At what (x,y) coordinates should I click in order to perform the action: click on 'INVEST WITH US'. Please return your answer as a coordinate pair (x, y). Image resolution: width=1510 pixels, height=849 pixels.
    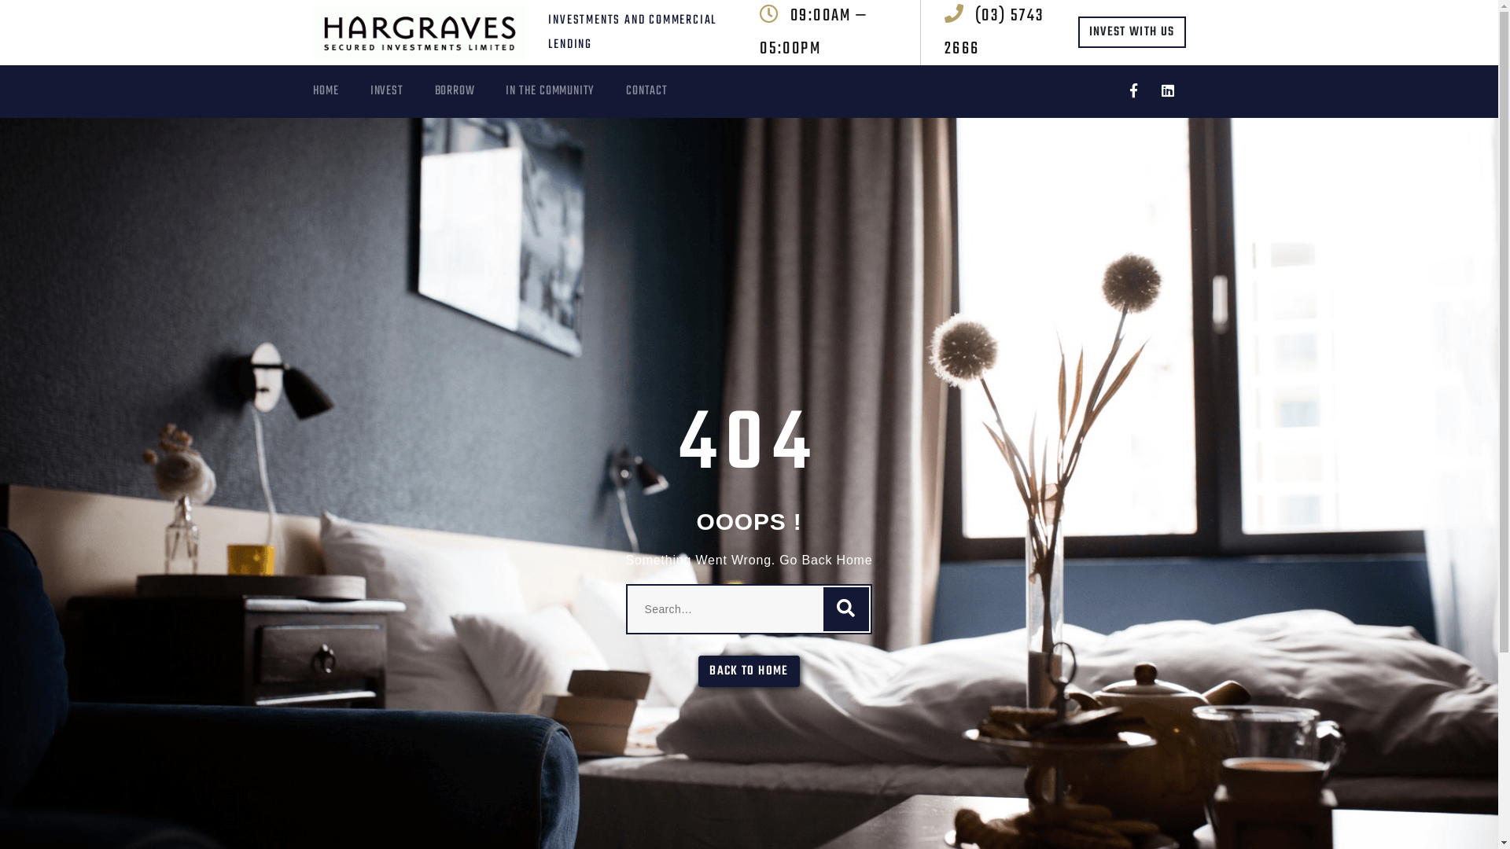
    Looking at the image, I should click on (1131, 32).